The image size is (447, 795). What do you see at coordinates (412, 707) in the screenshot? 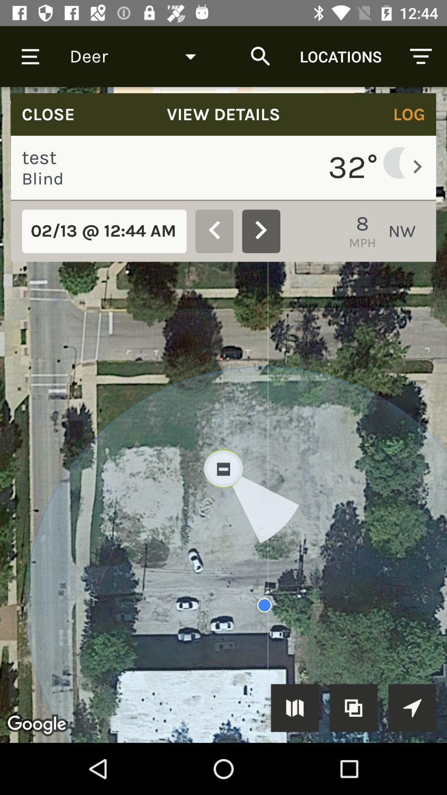
I see `explore the map` at bounding box center [412, 707].